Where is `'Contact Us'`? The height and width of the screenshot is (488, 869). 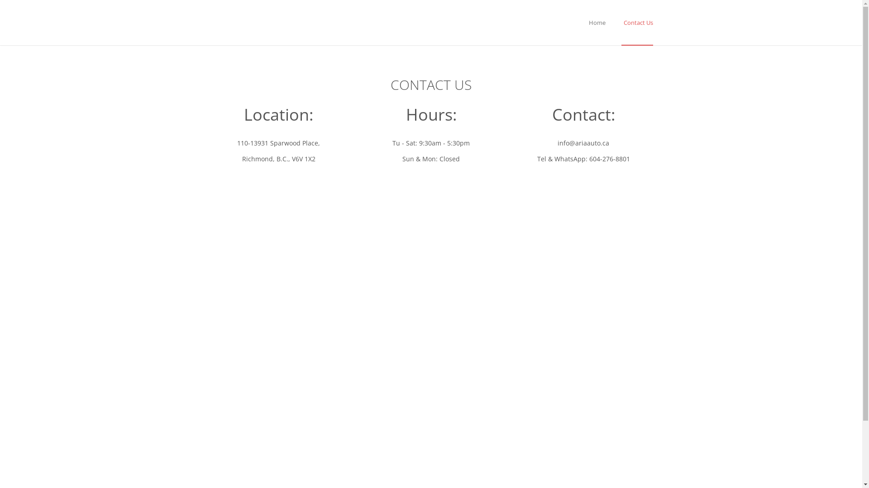 'Contact Us' is located at coordinates (621, 22).